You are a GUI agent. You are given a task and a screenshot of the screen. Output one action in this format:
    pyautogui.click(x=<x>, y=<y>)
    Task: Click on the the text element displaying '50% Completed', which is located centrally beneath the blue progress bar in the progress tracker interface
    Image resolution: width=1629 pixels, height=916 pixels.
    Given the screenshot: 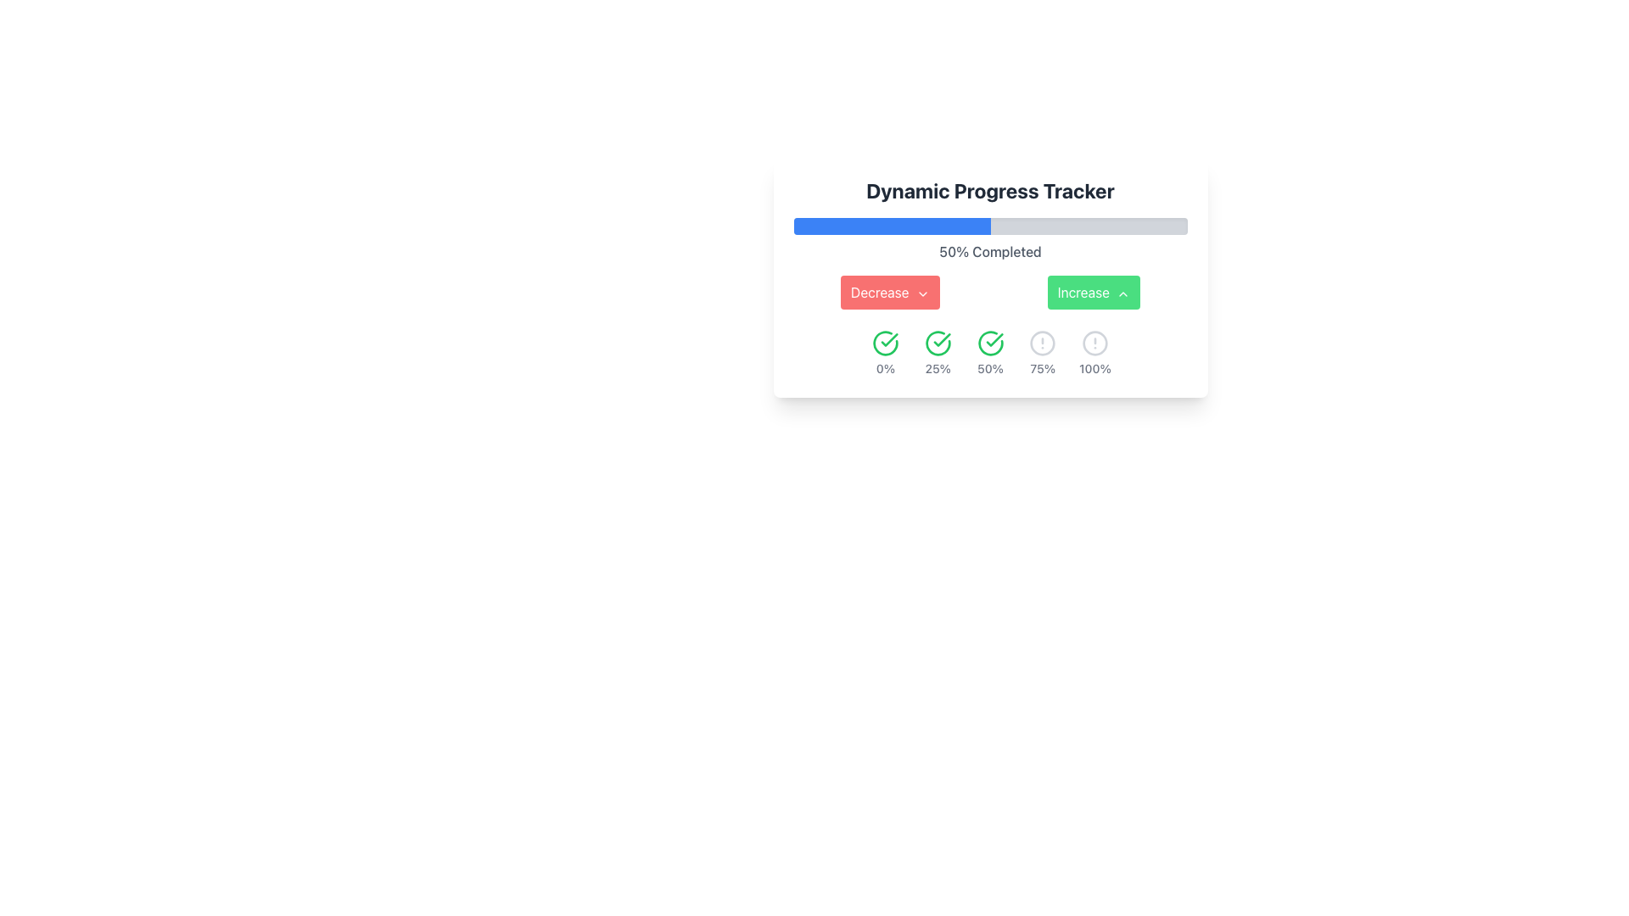 What is the action you would take?
    pyautogui.click(x=990, y=252)
    